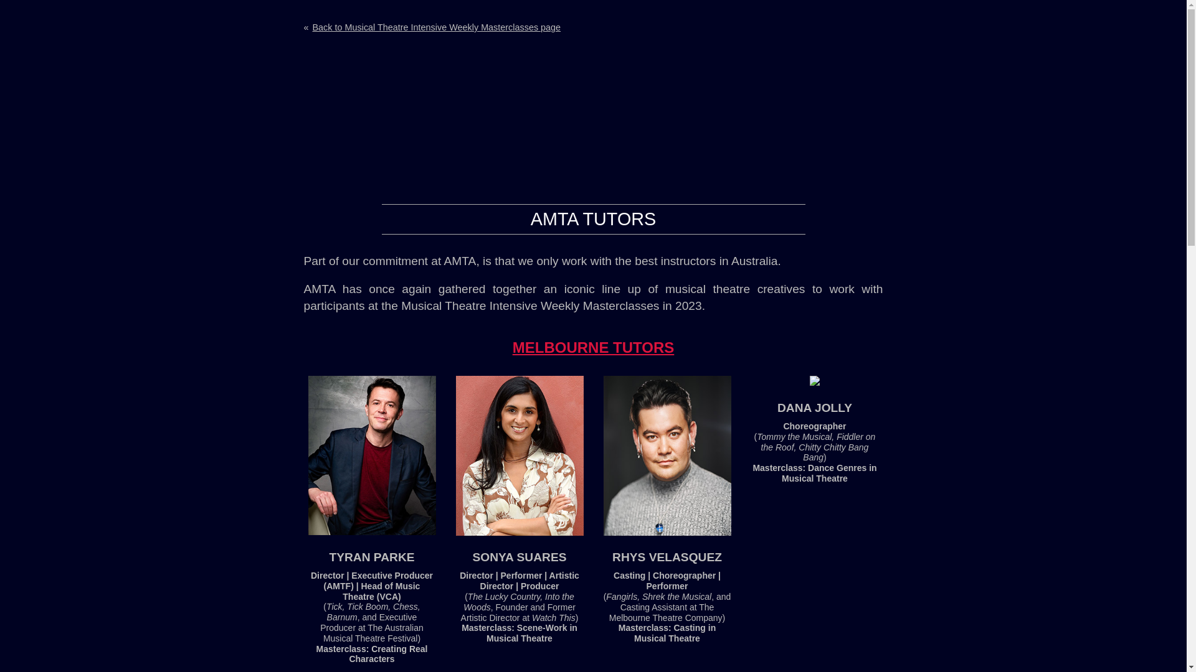  I want to click on 'Back to Musical Theatre Intensive Weekly Masterclasses page', so click(439, 27).